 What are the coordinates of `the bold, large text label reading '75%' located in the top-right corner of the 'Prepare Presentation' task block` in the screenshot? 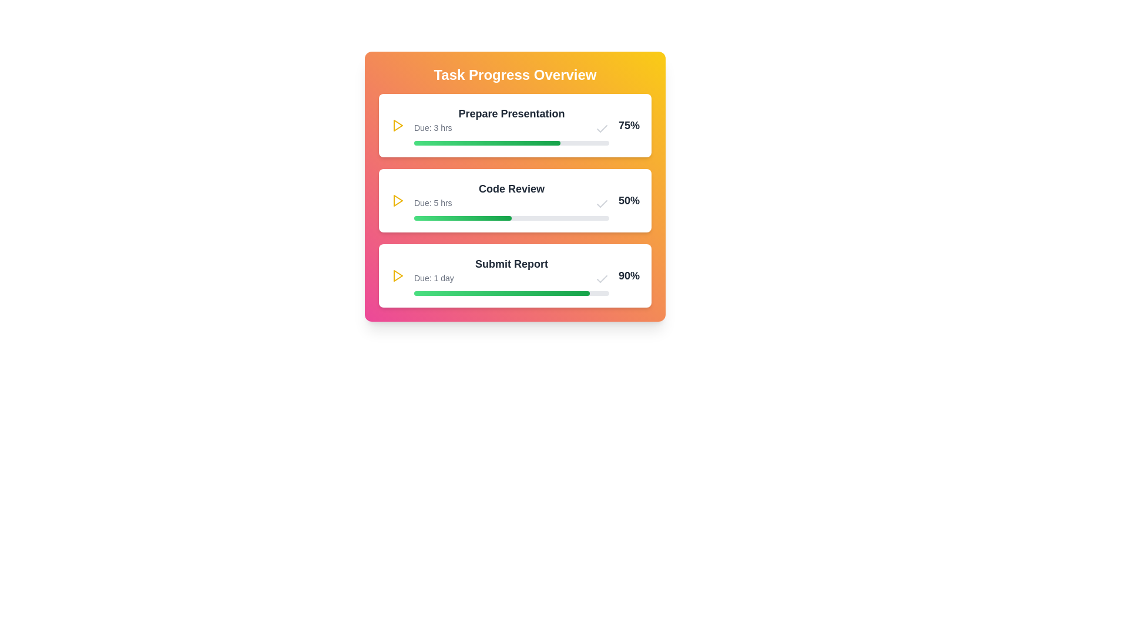 It's located at (628, 125).